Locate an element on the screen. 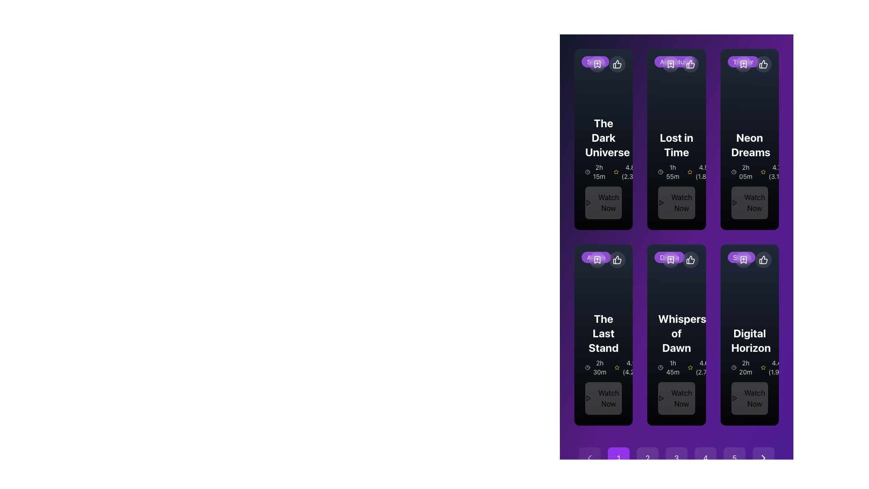 Image resolution: width=869 pixels, height=489 pixels. the fifth pagination button located at the bottom of the interface is located at coordinates (734, 458).